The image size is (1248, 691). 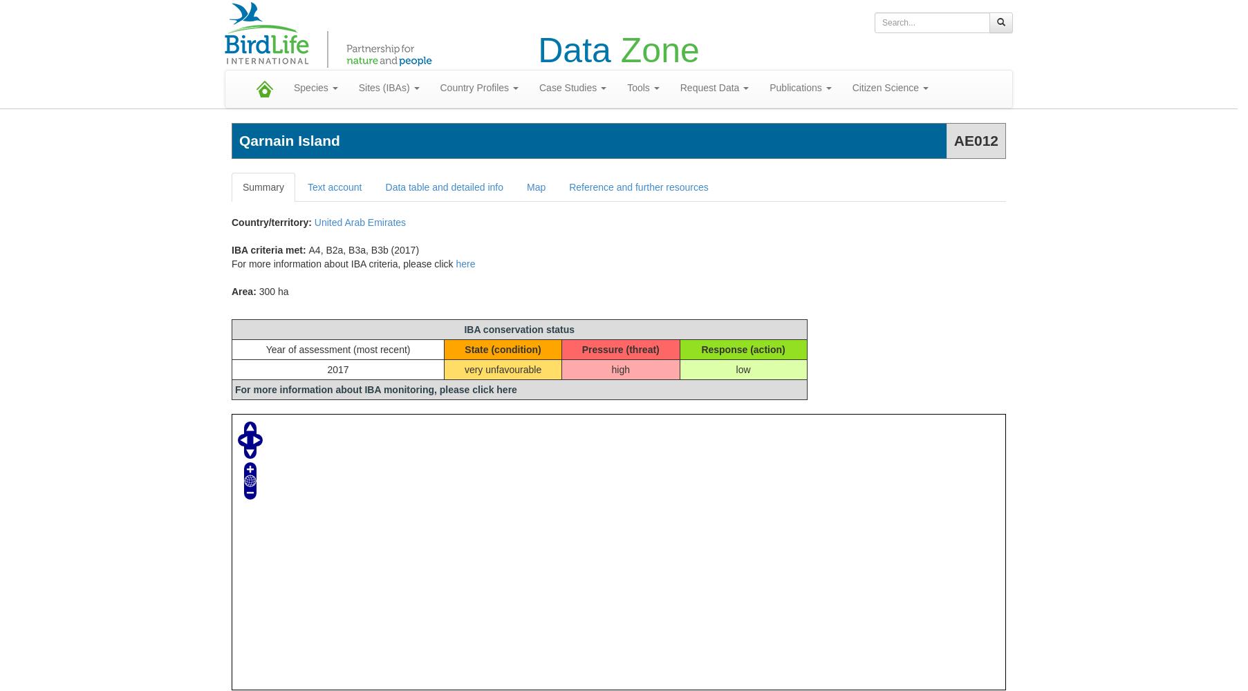 I want to click on 'United Arab Emirates', so click(x=360, y=222).